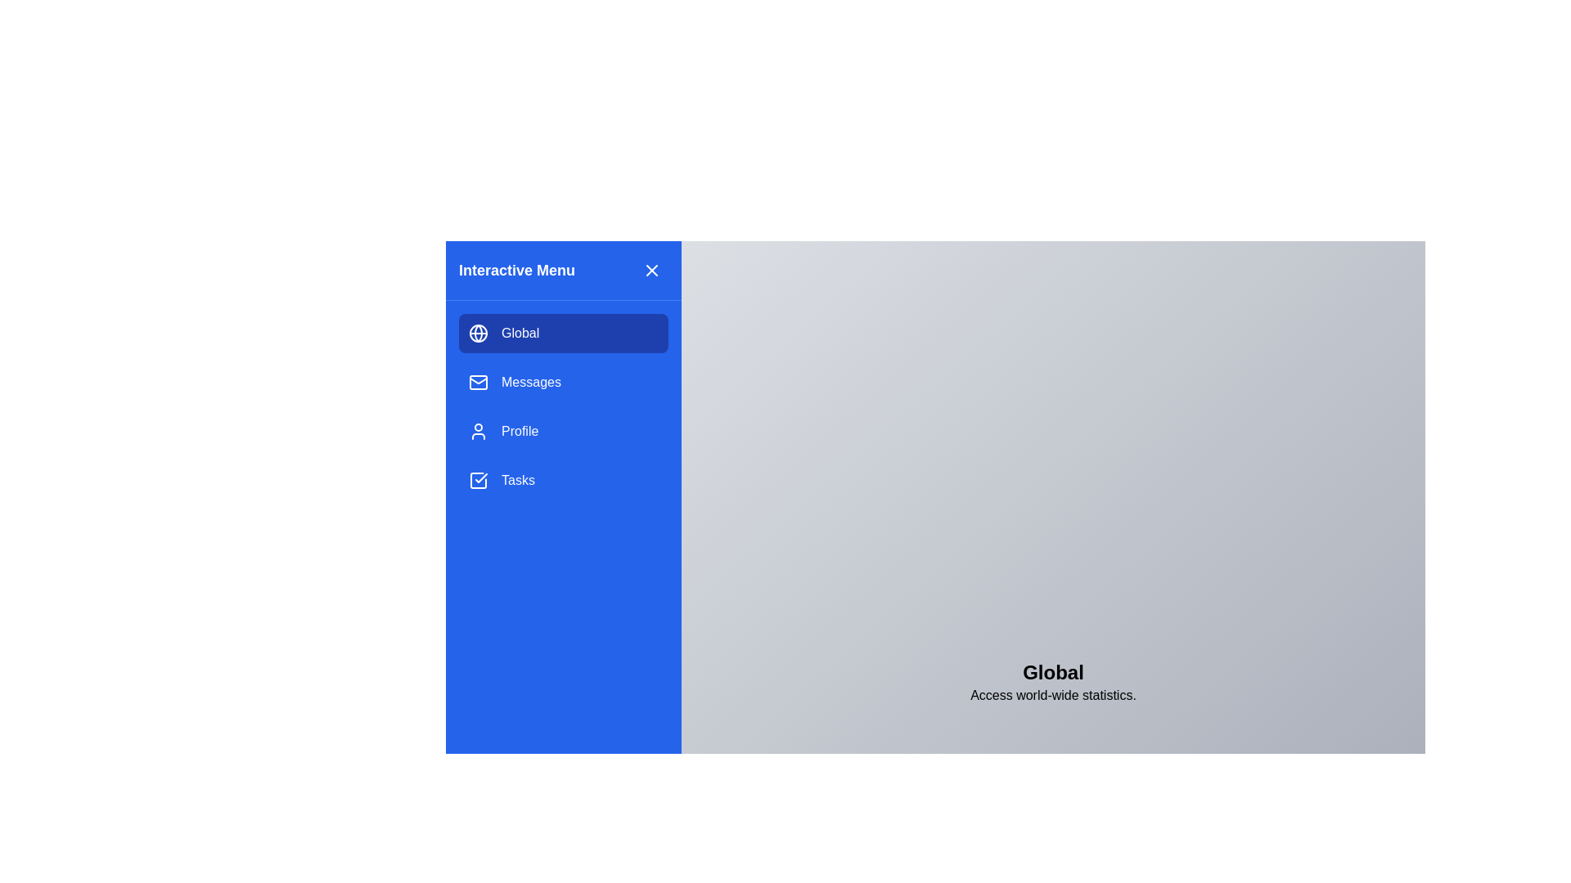  I want to click on the text label displaying 'Access world-wide statistics.' which is positioned below the 'Global' title and serves as a descriptive line for it, so click(1053, 696).